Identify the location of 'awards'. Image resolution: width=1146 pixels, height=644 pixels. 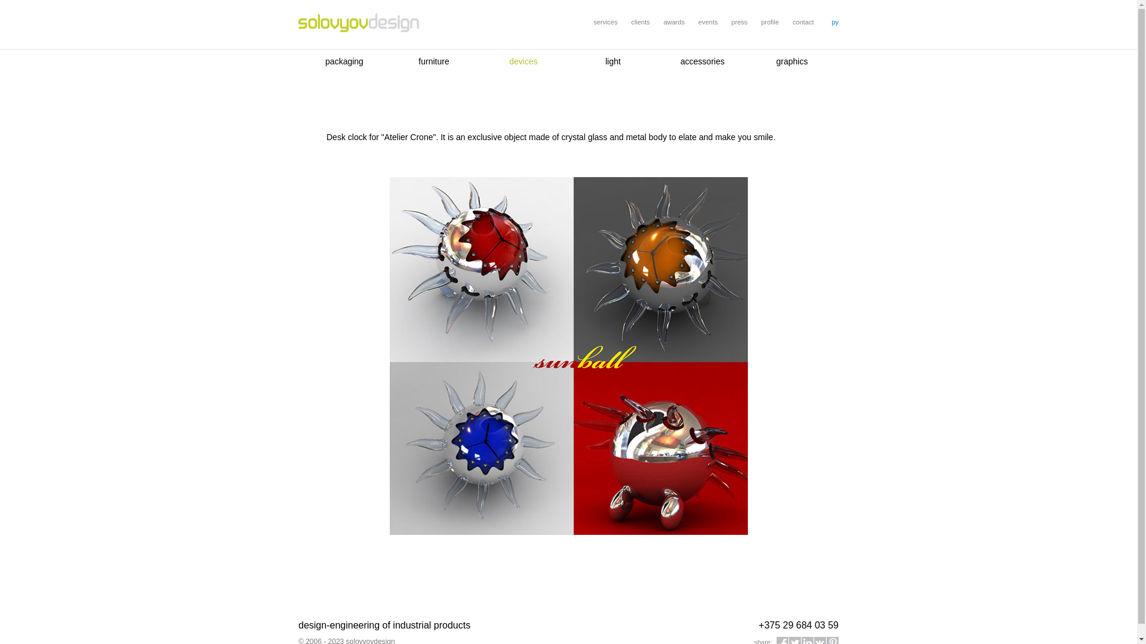
(663, 22).